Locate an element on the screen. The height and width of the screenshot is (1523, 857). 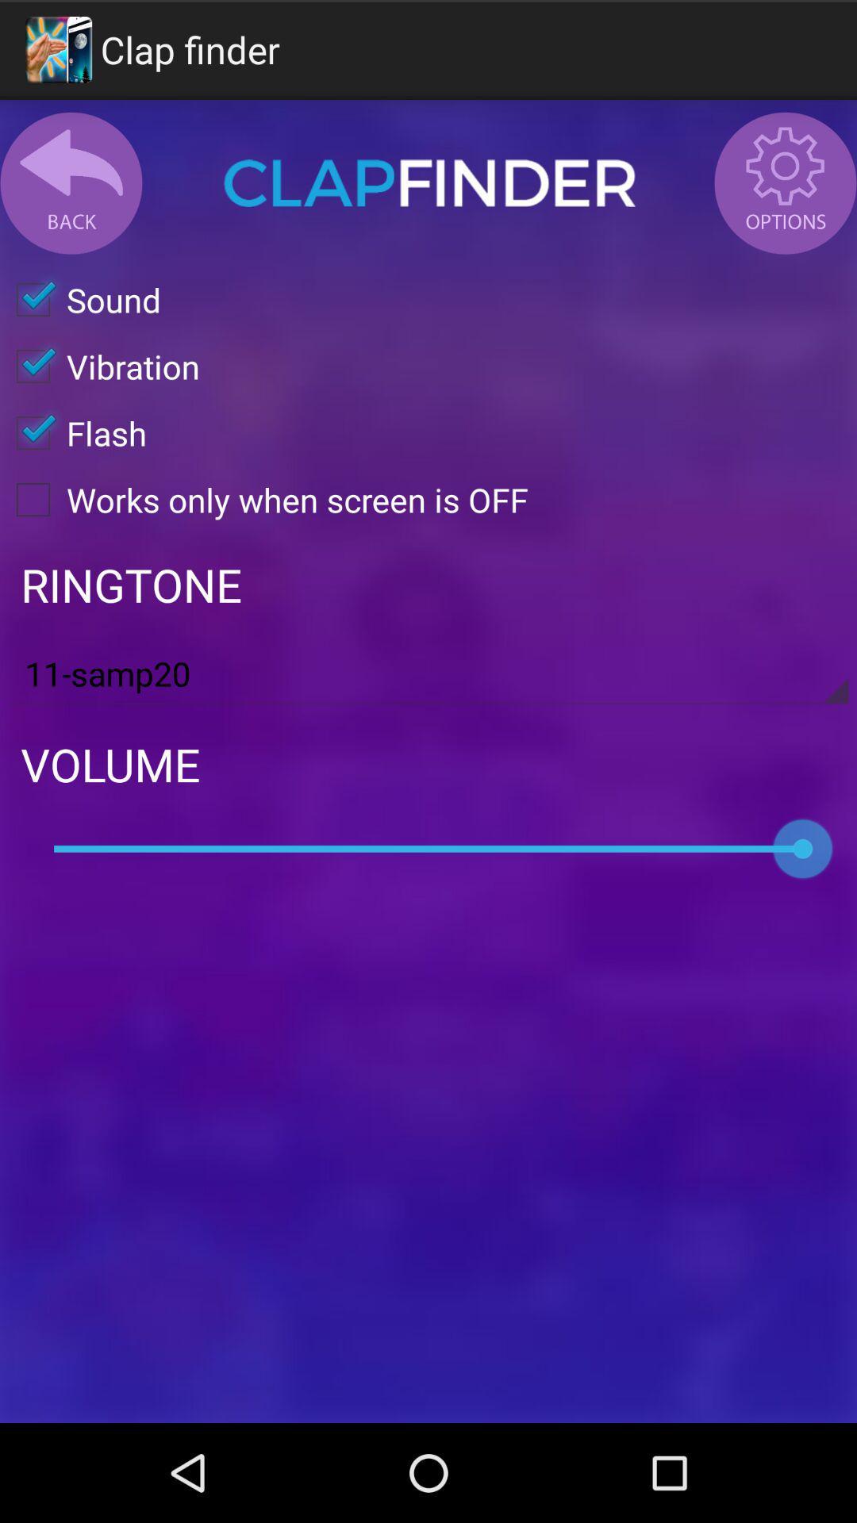
flash checkbox is located at coordinates (73, 433).